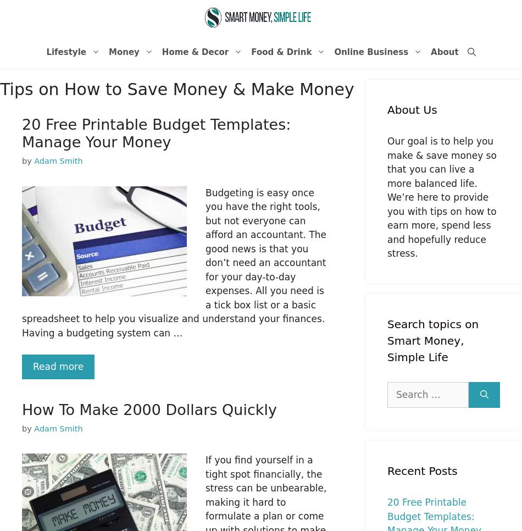 The height and width of the screenshot is (531, 522). What do you see at coordinates (176, 88) in the screenshot?
I see `'Tips on How to Save Money & Make Money'` at bounding box center [176, 88].